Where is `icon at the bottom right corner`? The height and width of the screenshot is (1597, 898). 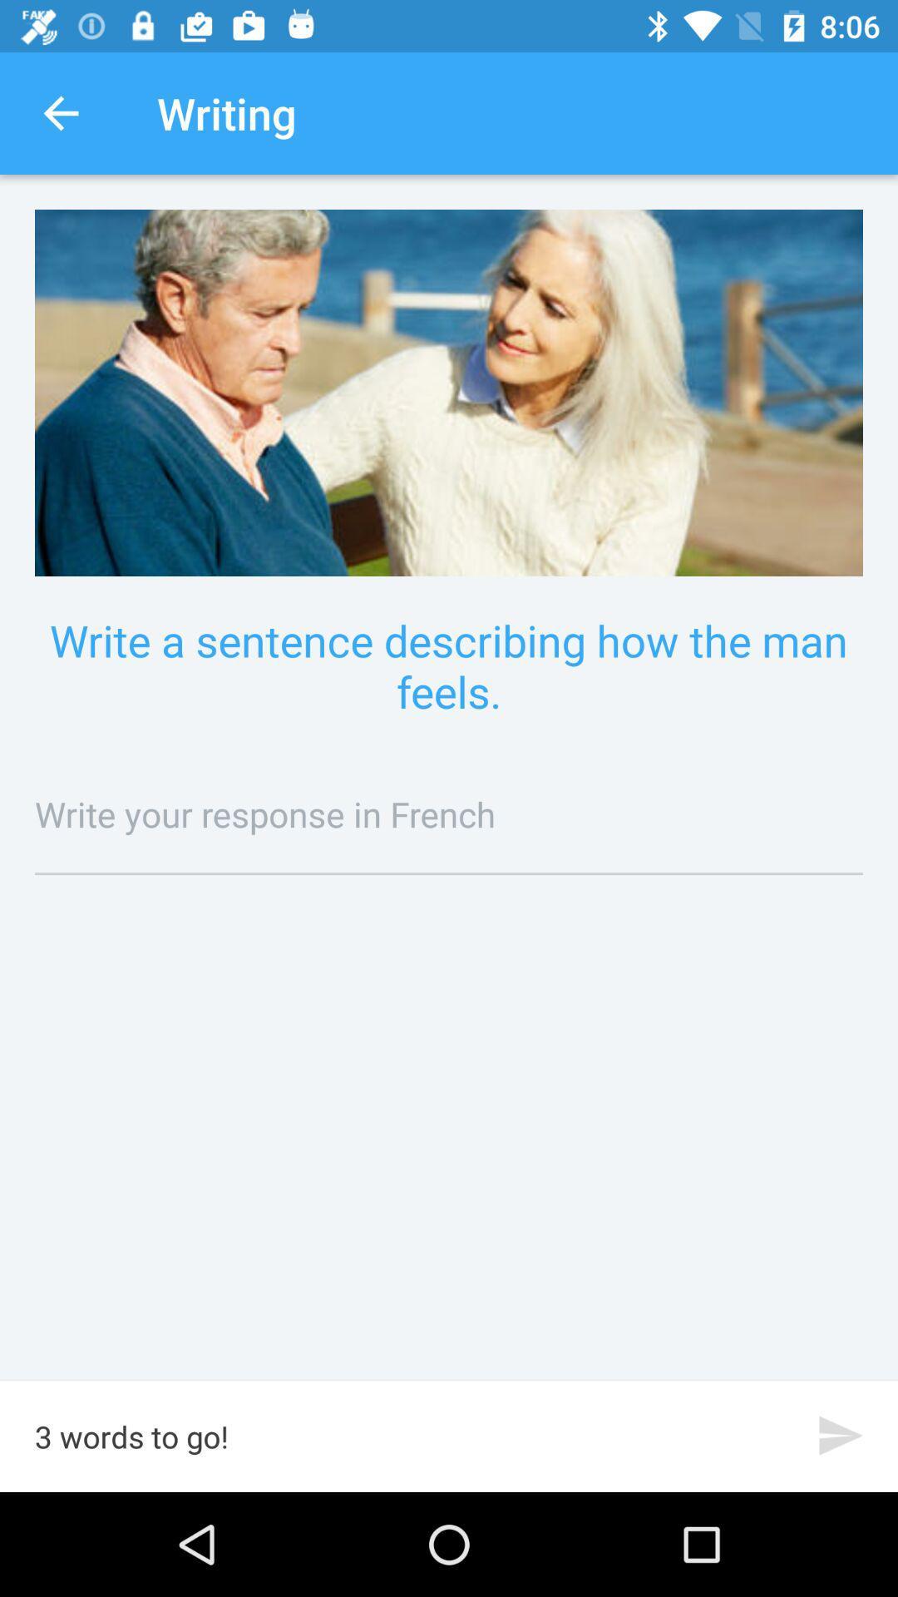 icon at the bottom right corner is located at coordinates (841, 1435).